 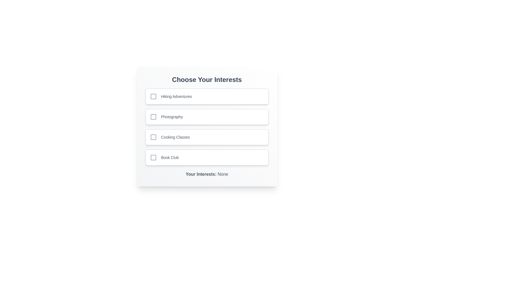 I want to click on the checkbox indicator for 'Hiking Adventures', so click(x=153, y=96).